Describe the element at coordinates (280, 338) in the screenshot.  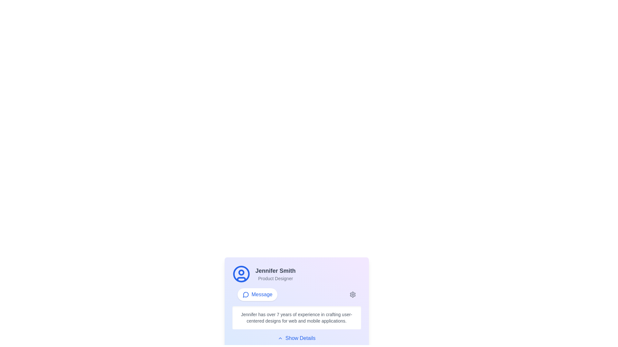
I see `the icon located to the left of the 'Show Details' text` at that location.